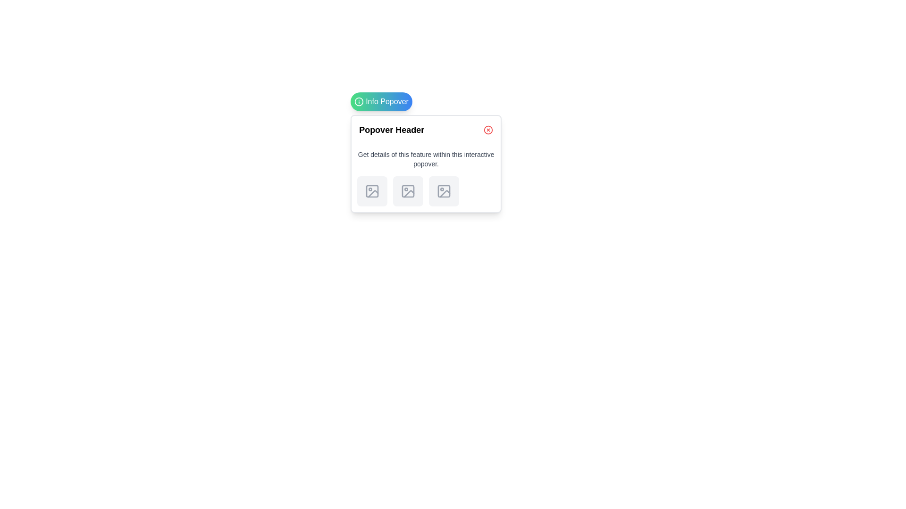 The width and height of the screenshot is (906, 509). I want to click on the icon button located in the popover dialog box under 'Popover Header', so click(372, 191).